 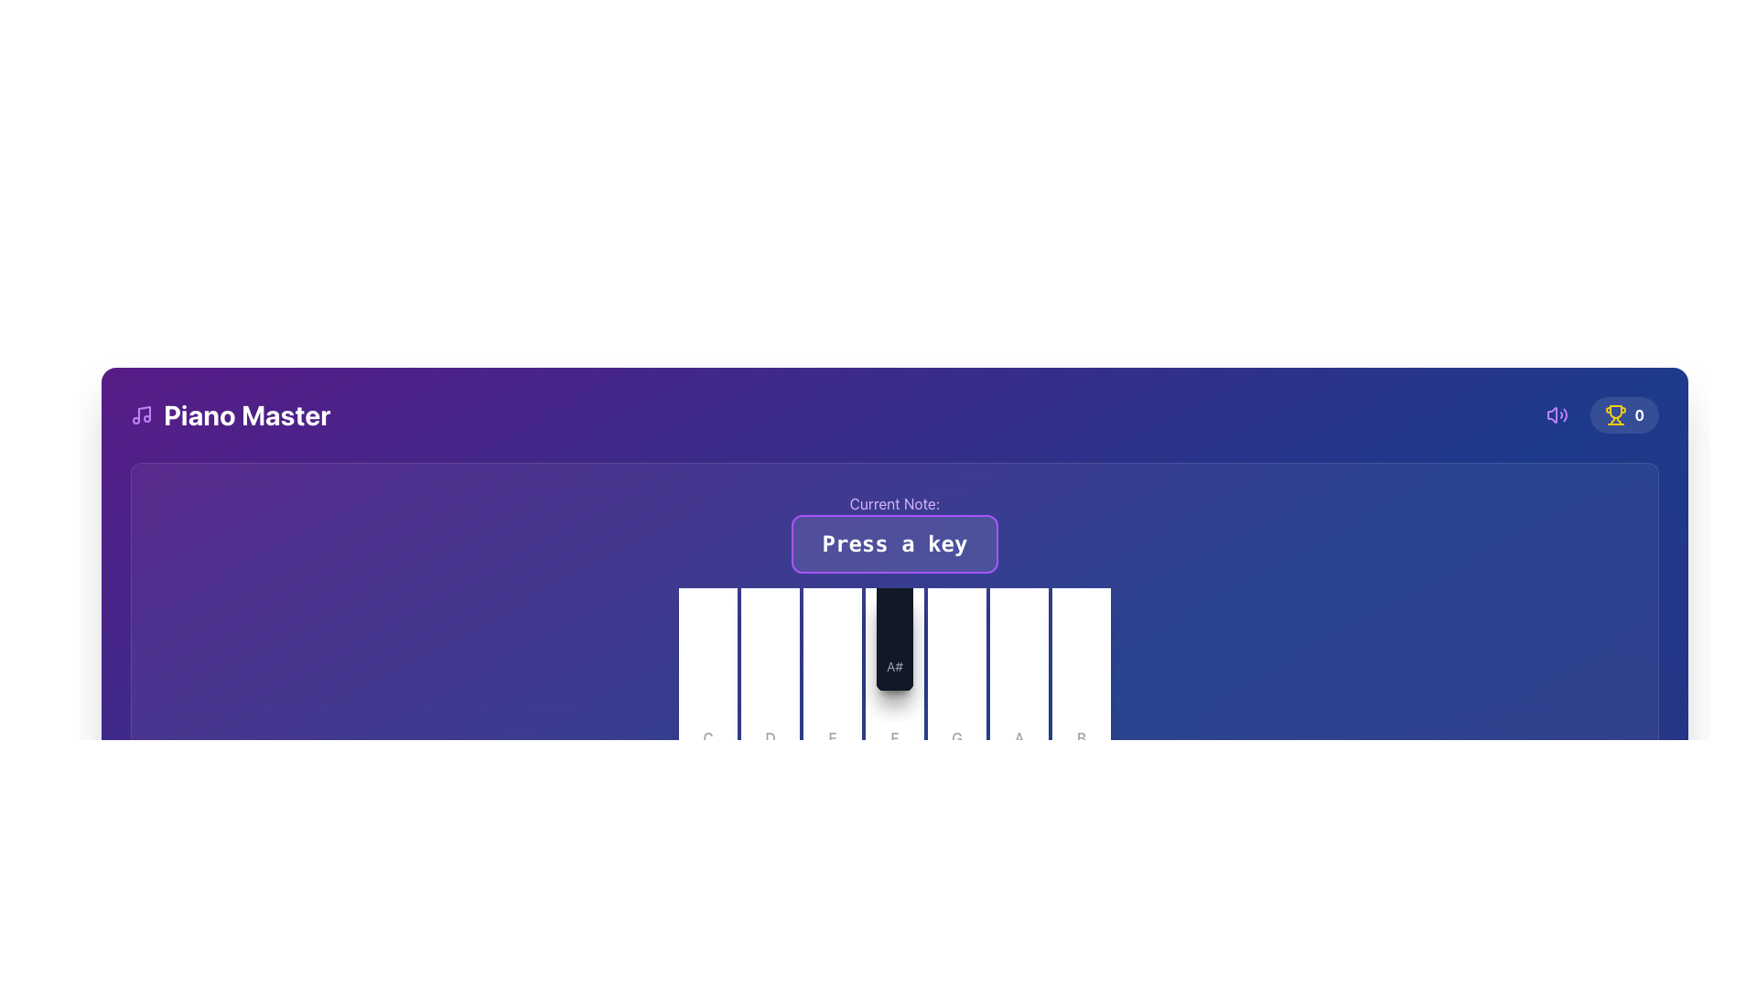 I want to click on the virtual piano key representing the note 'E', which is the third white key from the left, located between 'D' and 'F', so click(x=832, y=676).